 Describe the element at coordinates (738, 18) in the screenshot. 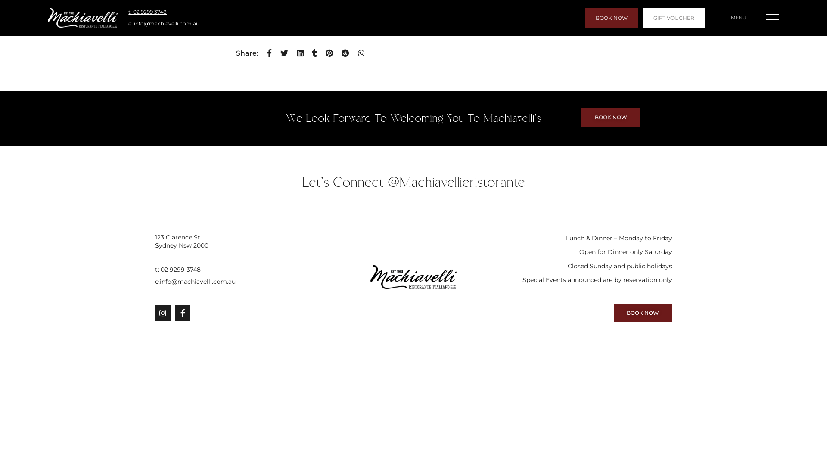

I see `'MENU'` at that location.